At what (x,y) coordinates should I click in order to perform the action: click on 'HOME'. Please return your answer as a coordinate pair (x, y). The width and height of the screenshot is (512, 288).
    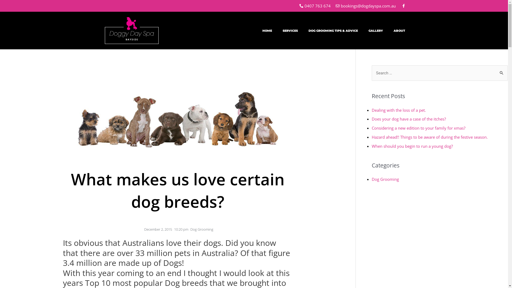
    Looking at the image, I should click on (267, 31).